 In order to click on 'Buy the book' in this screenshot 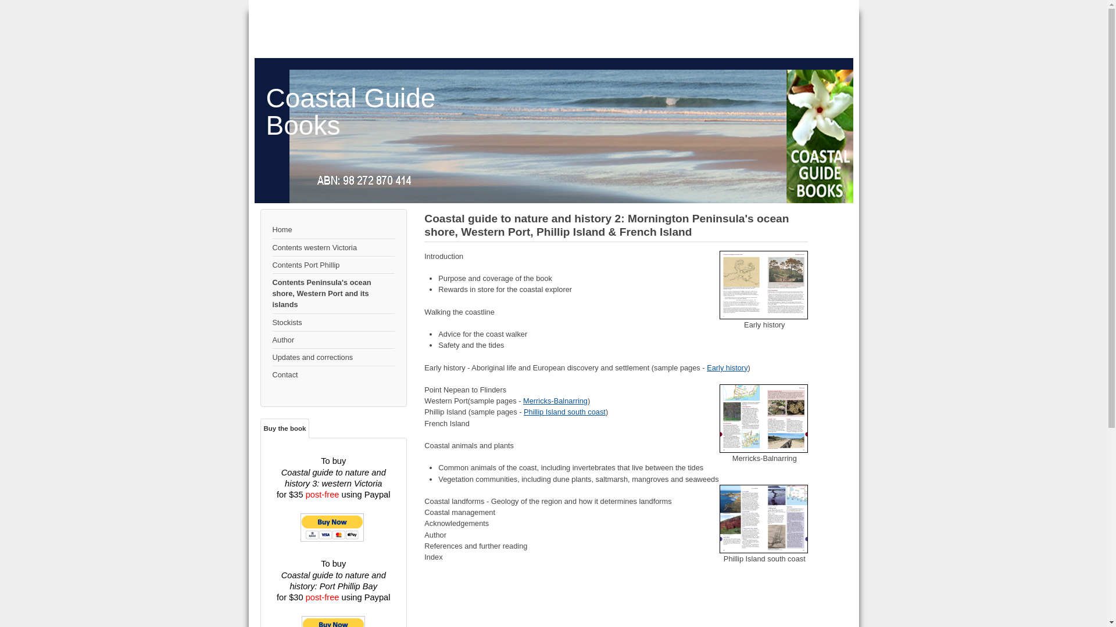, I will do `click(285, 428)`.